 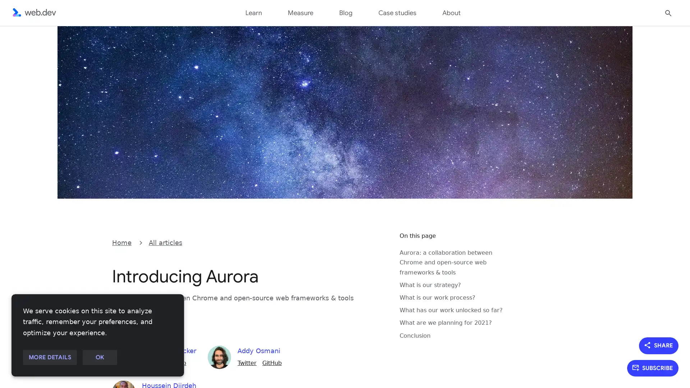 What do you see at coordinates (668, 12) in the screenshot?
I see `Open search` at bounding box center [668, 12].